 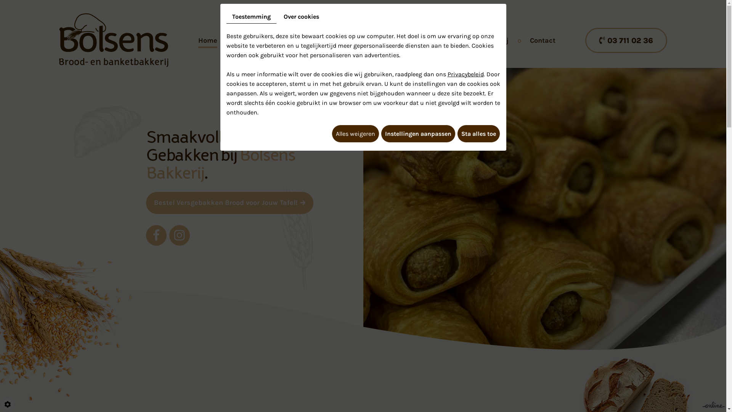 What do you see at coordinates (113, 39) in the screenshot?
I see `'Bakkerij Bolsens - Bakkerij'` at bounding box center [113, 39].